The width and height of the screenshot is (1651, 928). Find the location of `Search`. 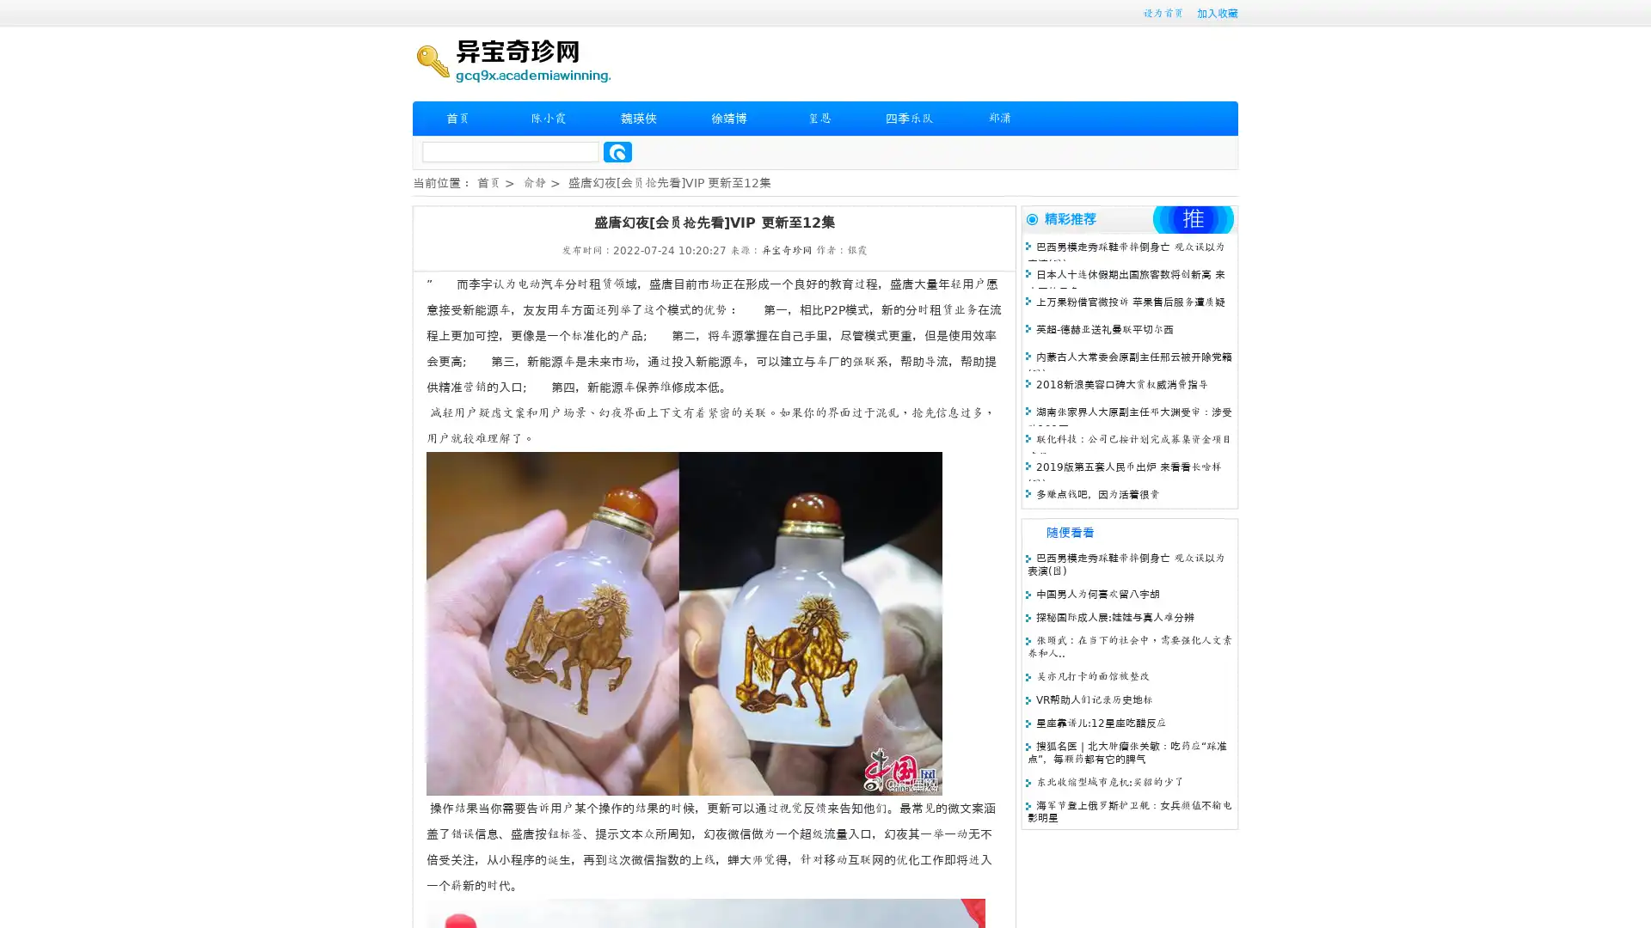

Search is located at coordinates (617, 151).